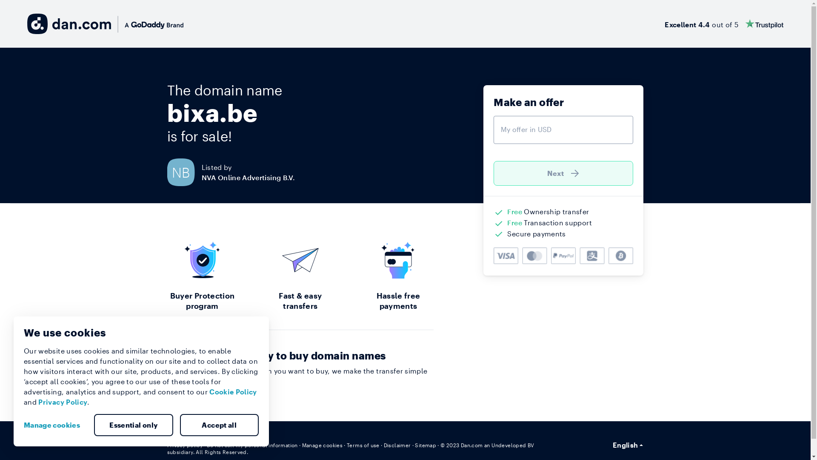 The width and height of the screenshot is (817, 460). Describe the element at coordinates (233, 391) in the screenshot. I see `'Cookie Policy'` at that location.